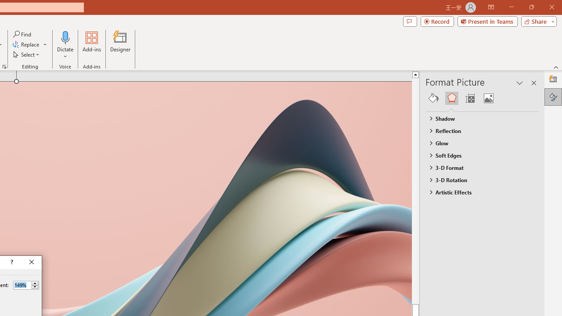 The image size is (562, 316). Describe the element at coordinates (65, 37) in the screenshot. I see `'Dictate'` at that location.